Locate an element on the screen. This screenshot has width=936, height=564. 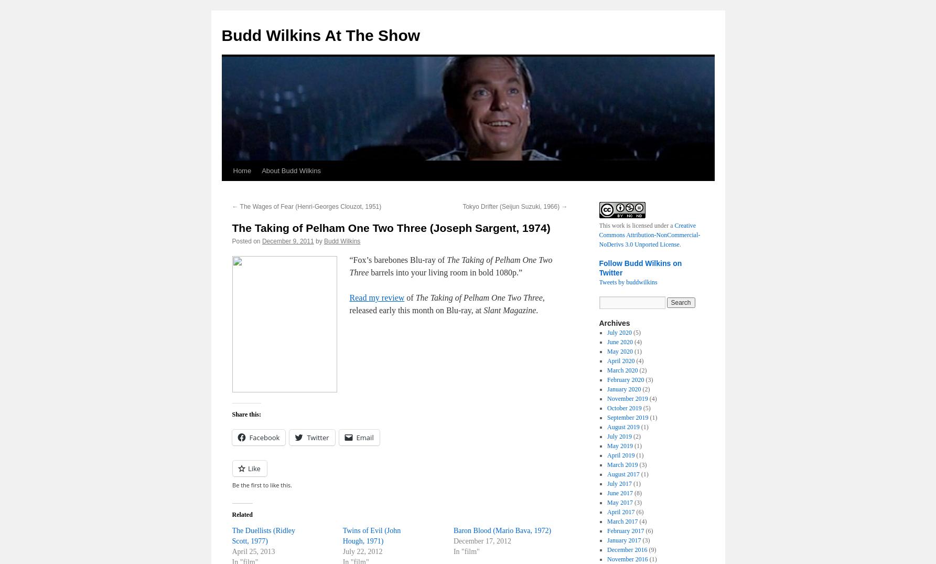
'December 2016' is located at coordinates (626, 550).